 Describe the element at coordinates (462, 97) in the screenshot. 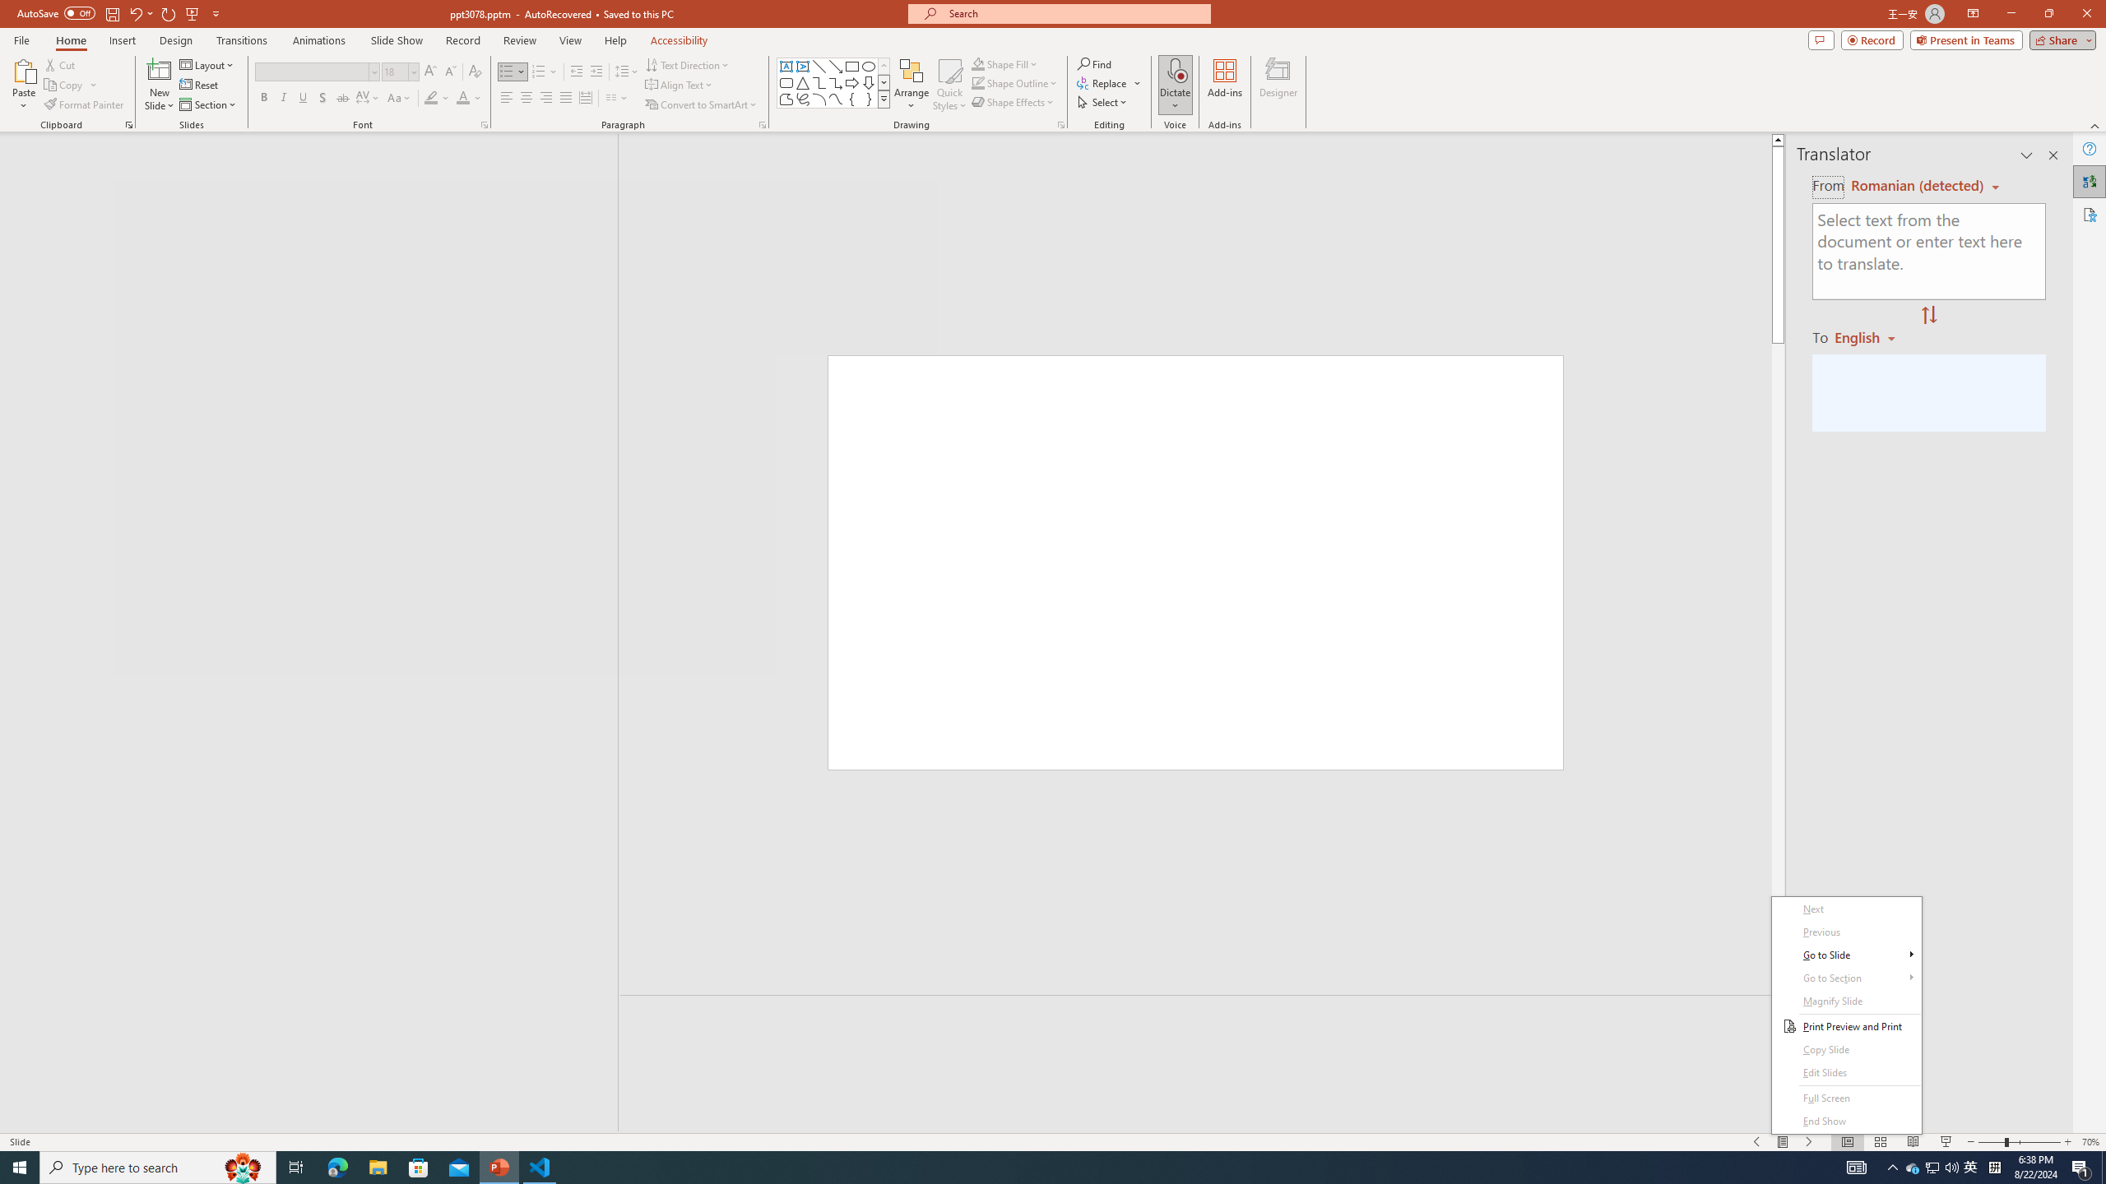

I see `'Font Color Red'` at that location.